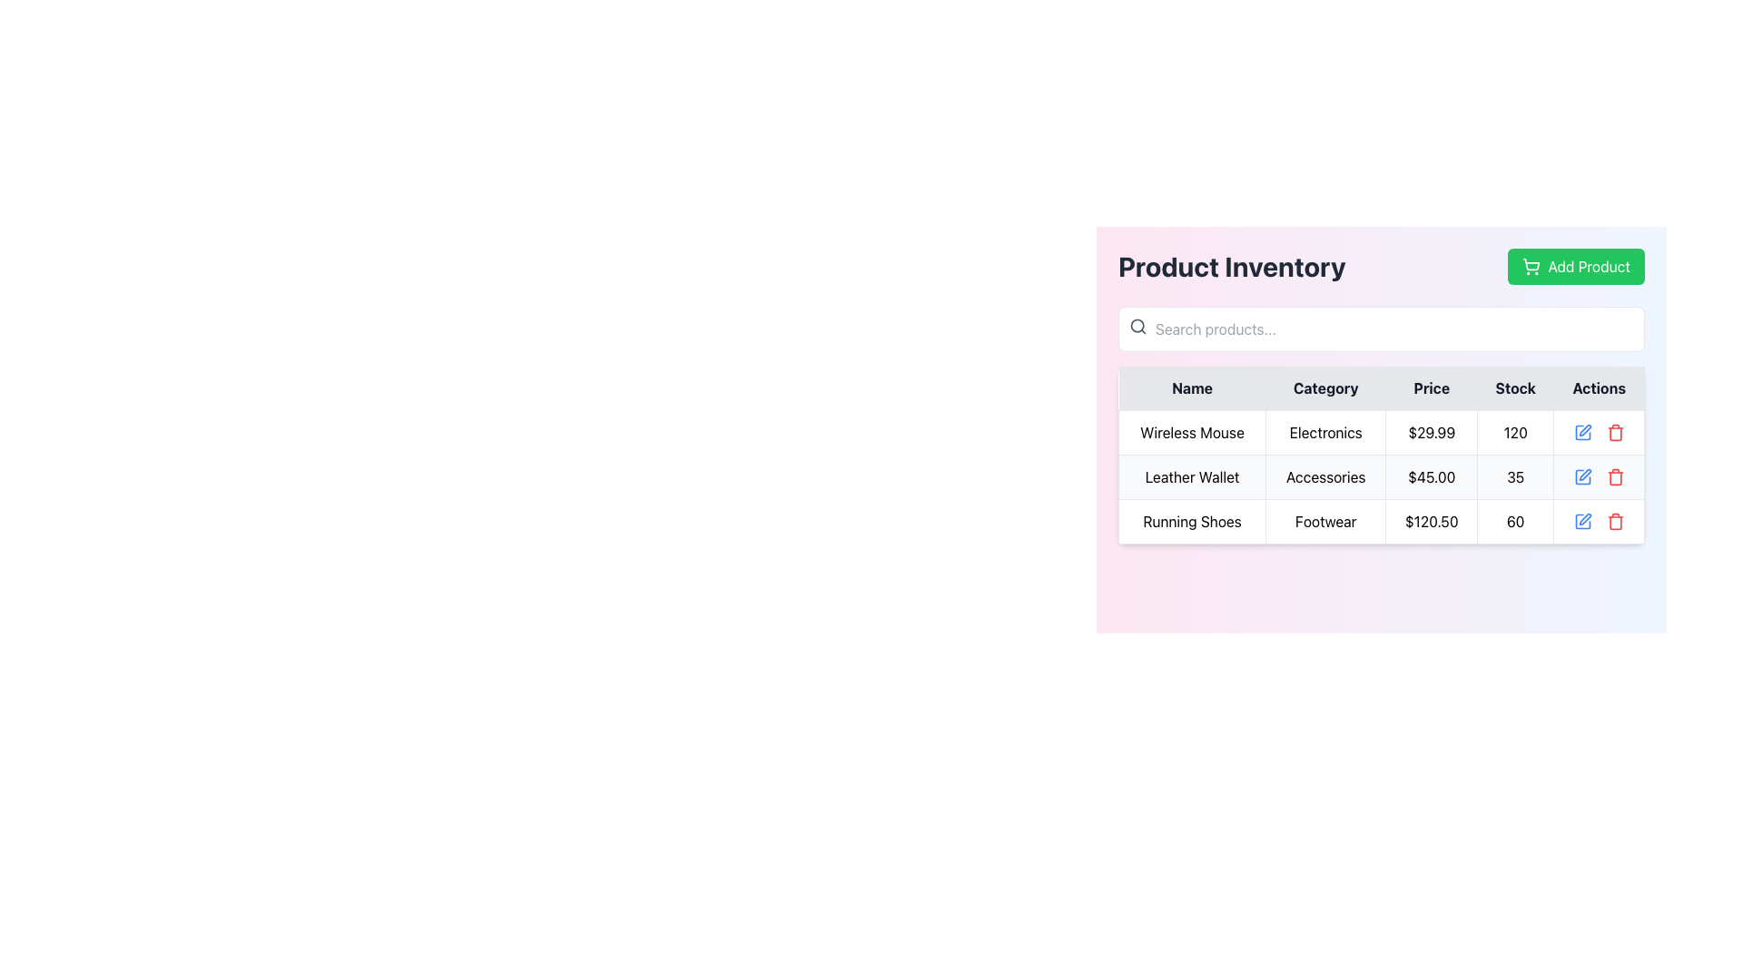  I want to click on the small blue pencil icon in the 'Actions' column aligned with the 'Wireless Mouse' row to initiate edit mode, so click(1581, 433).